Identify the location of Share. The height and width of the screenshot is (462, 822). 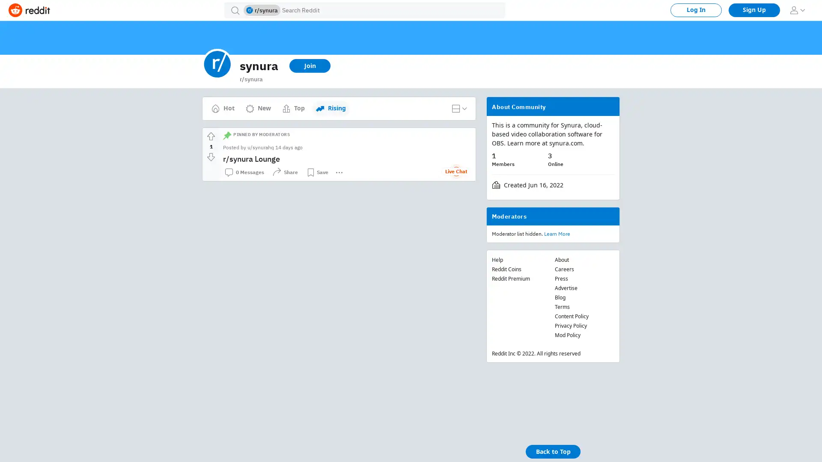
(285, 172).